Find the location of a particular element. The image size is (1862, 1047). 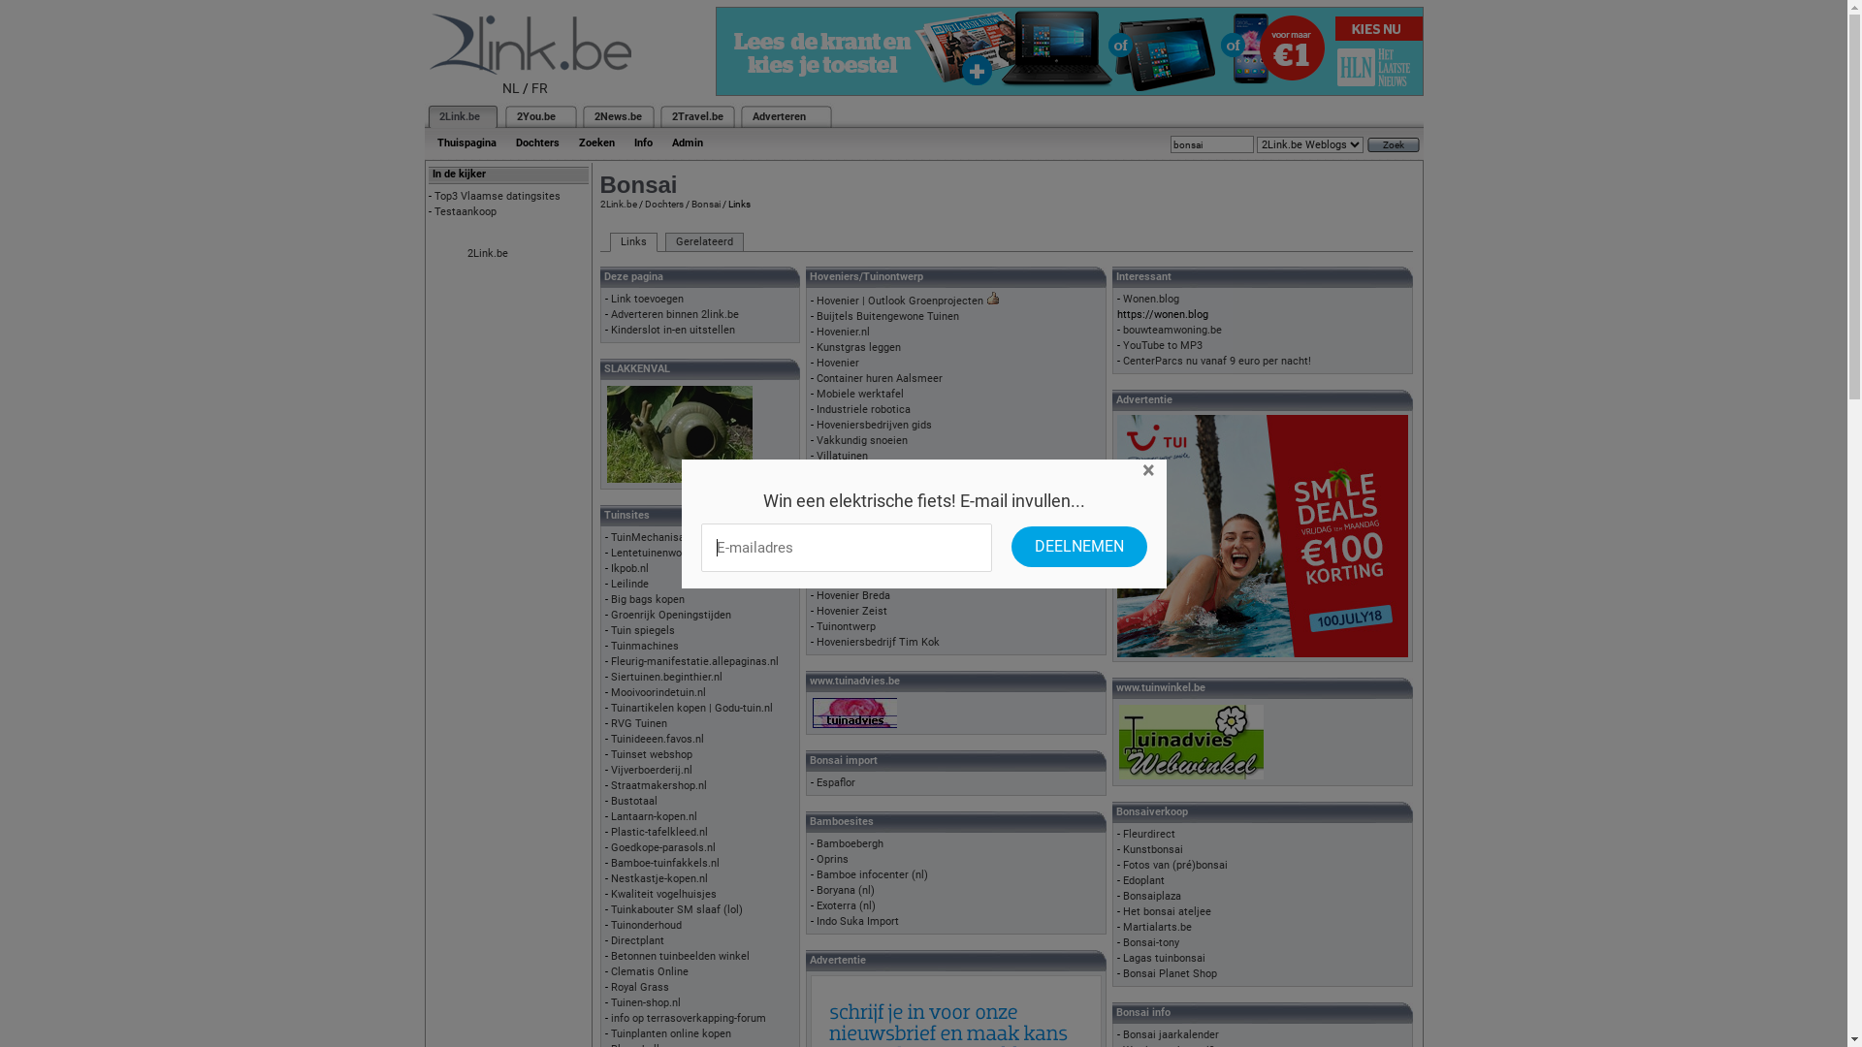

'Clematis Online' is located at coordinates (650, 971).